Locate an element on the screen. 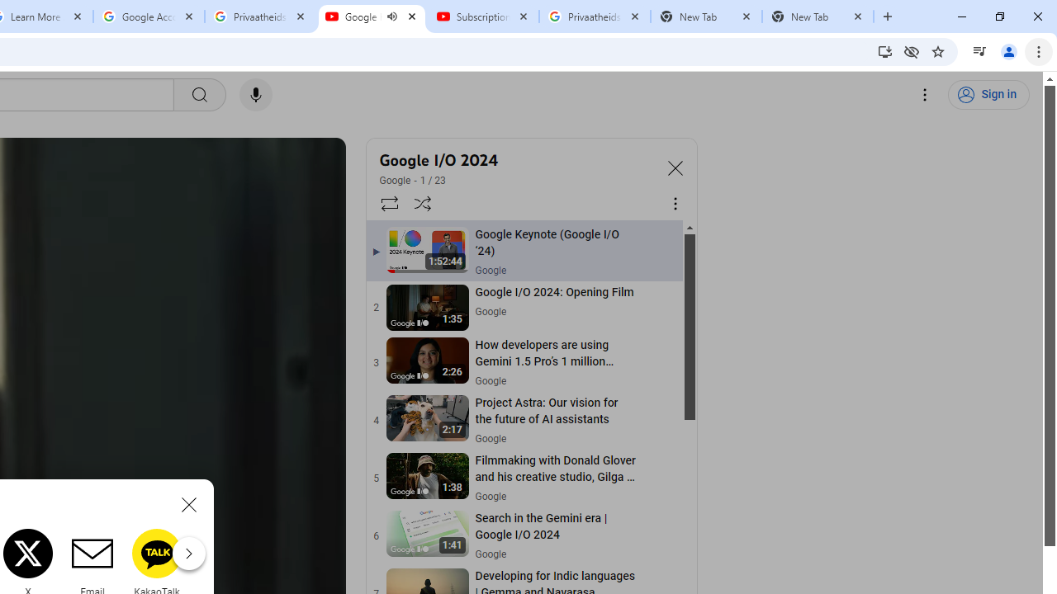 Image resolution: width=1057 pixels, height=594 pixels. 'Search with your voice' is located at coordinates (254, 95).